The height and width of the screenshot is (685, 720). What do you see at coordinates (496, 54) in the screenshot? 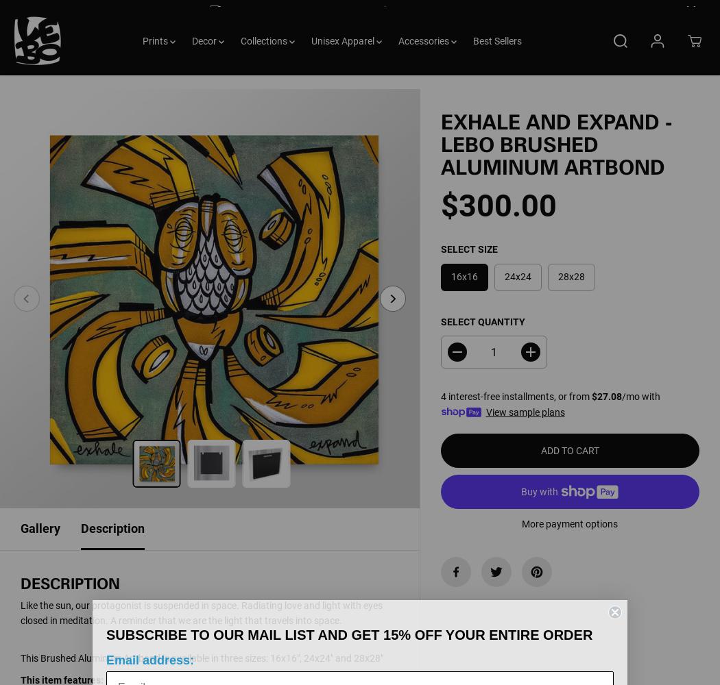
I see `'Best Sellers'` at bounding box center [496, 54].